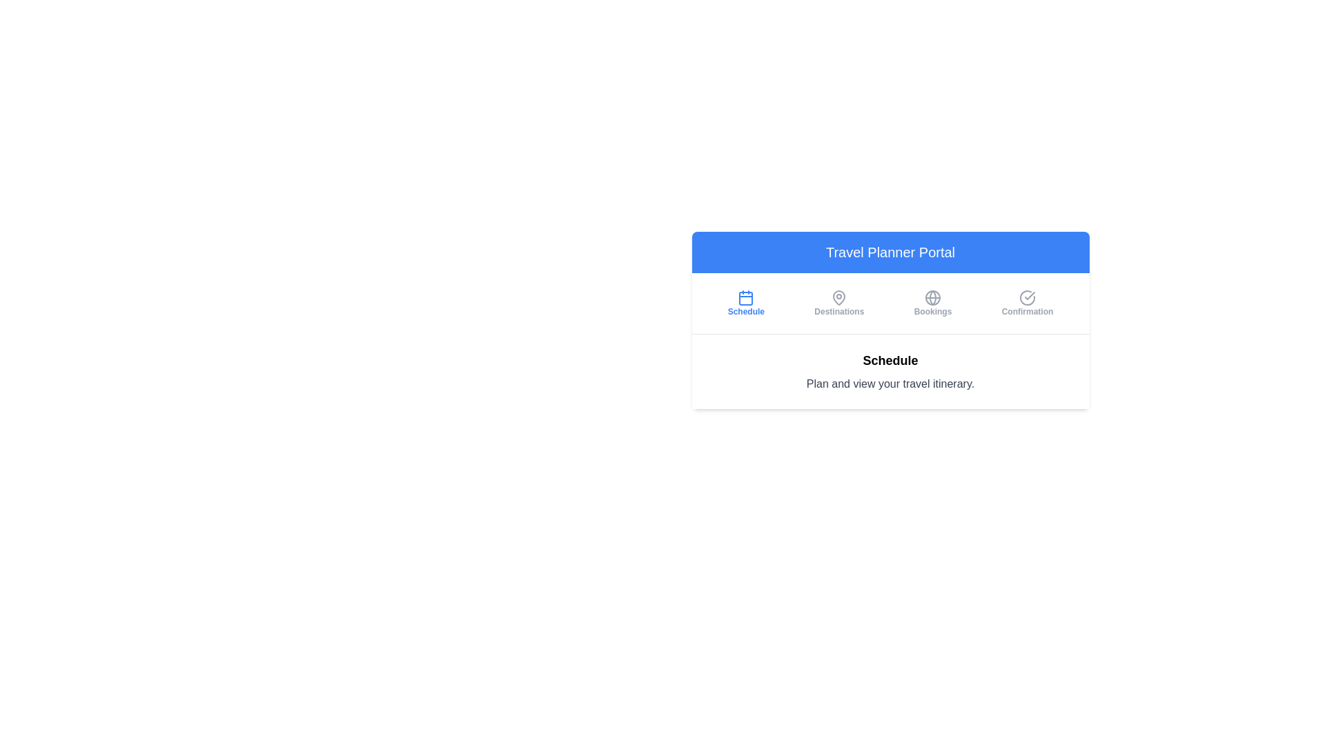  I want to click on the tab labeled Confirmation to navigate to its content, so click(1027, 302).